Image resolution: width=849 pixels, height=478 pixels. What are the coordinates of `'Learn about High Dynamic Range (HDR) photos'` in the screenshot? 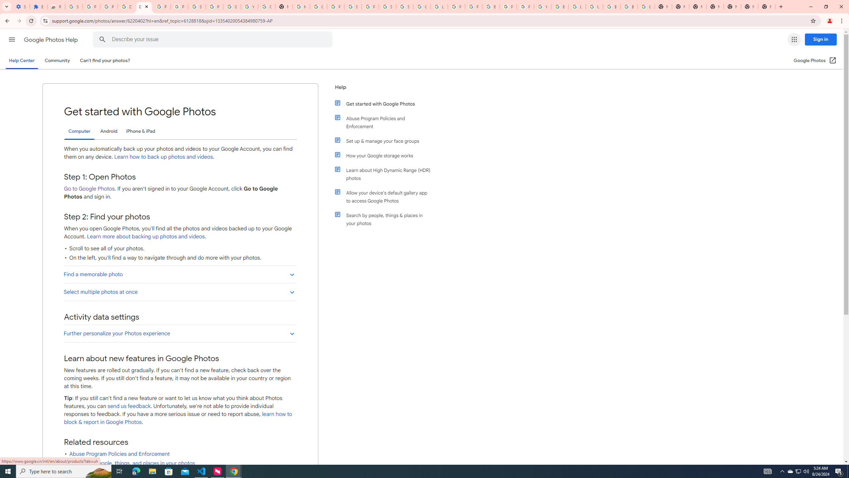 It's located at (385, 174).